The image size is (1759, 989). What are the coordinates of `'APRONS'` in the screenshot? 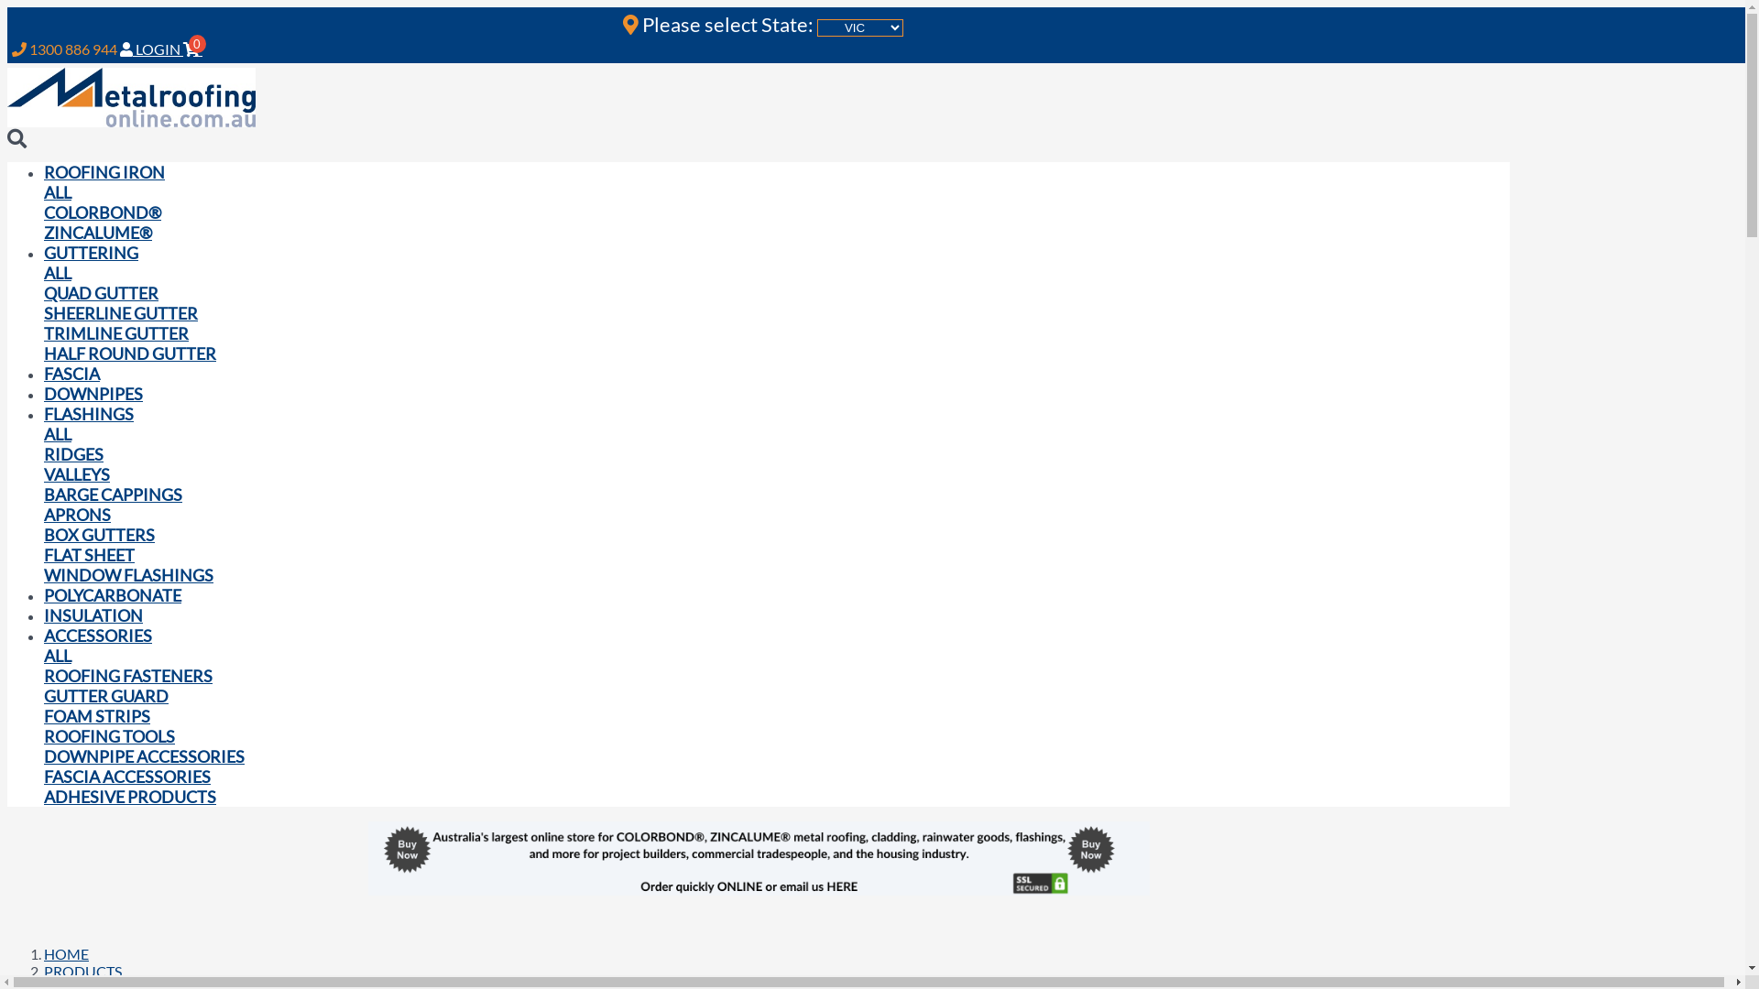 It's located at (76, 515).